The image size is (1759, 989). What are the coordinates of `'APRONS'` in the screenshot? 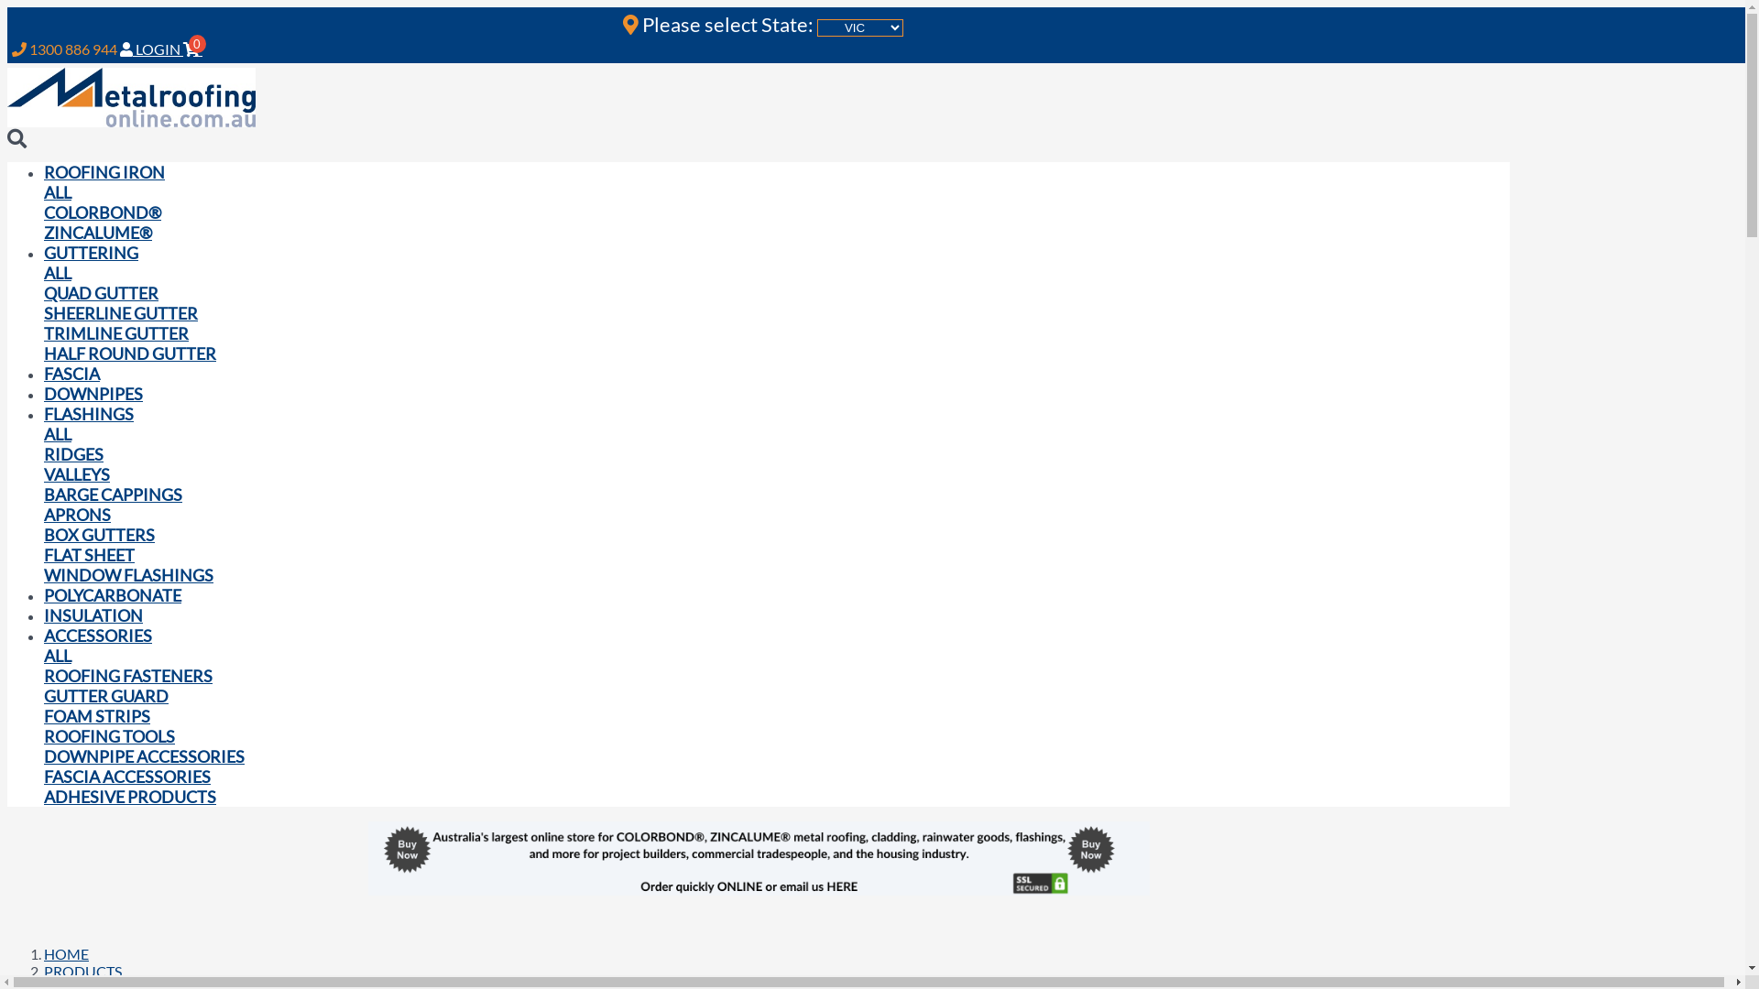 It's located at (76, 515).